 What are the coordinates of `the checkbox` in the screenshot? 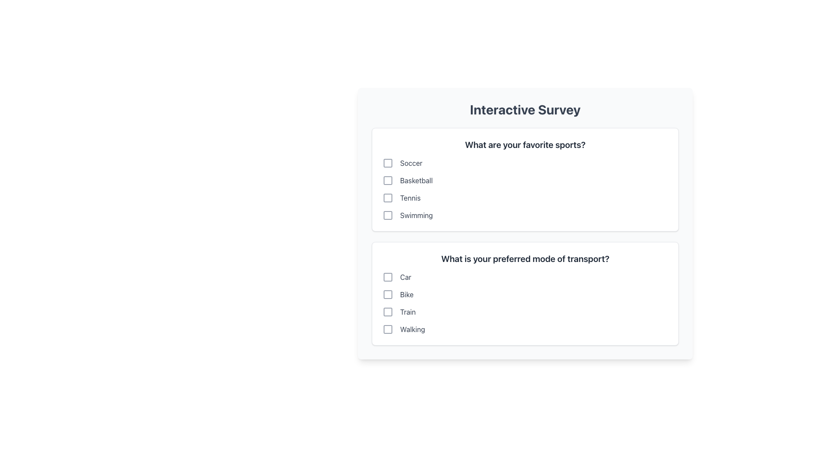 It's located at (387, 198).